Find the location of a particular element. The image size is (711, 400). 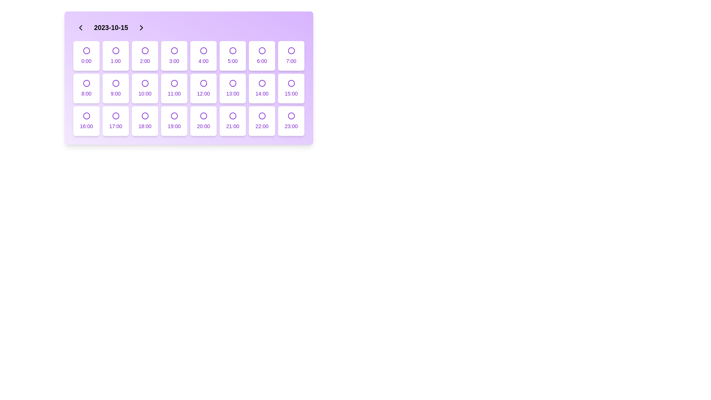

the time selection button located in the first row, sixth column of the grid layout, which is surrounded by '5:00' and '7:00' boxes is located at coordinates (262, 55).